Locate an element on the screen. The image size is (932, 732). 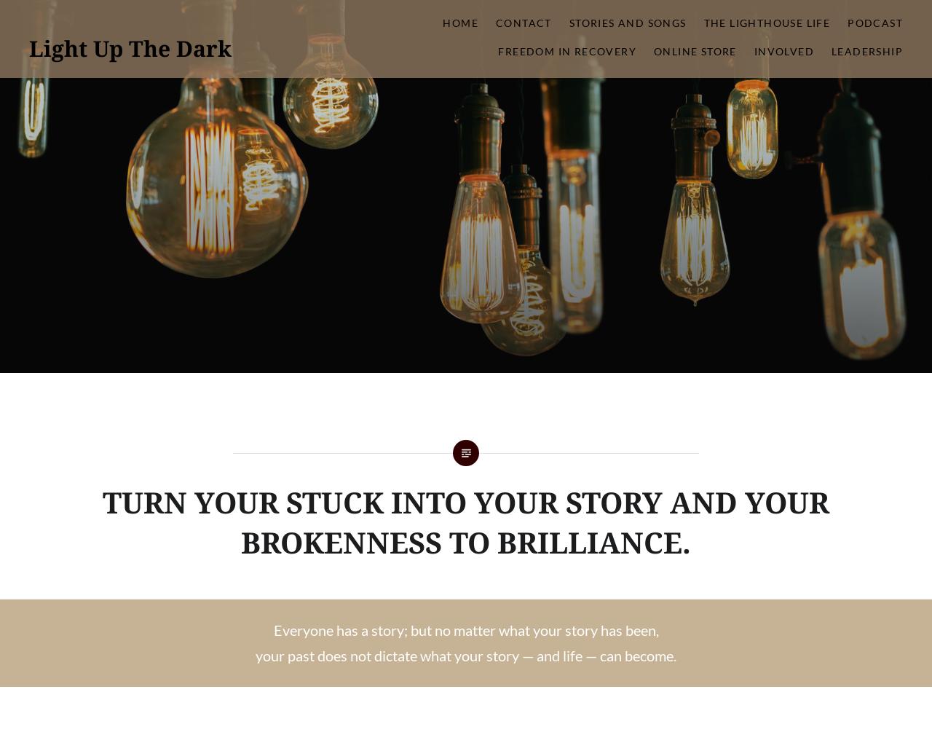
'your past does not dictate what your story — and life — can become.' is located at coordinates (466, 654).